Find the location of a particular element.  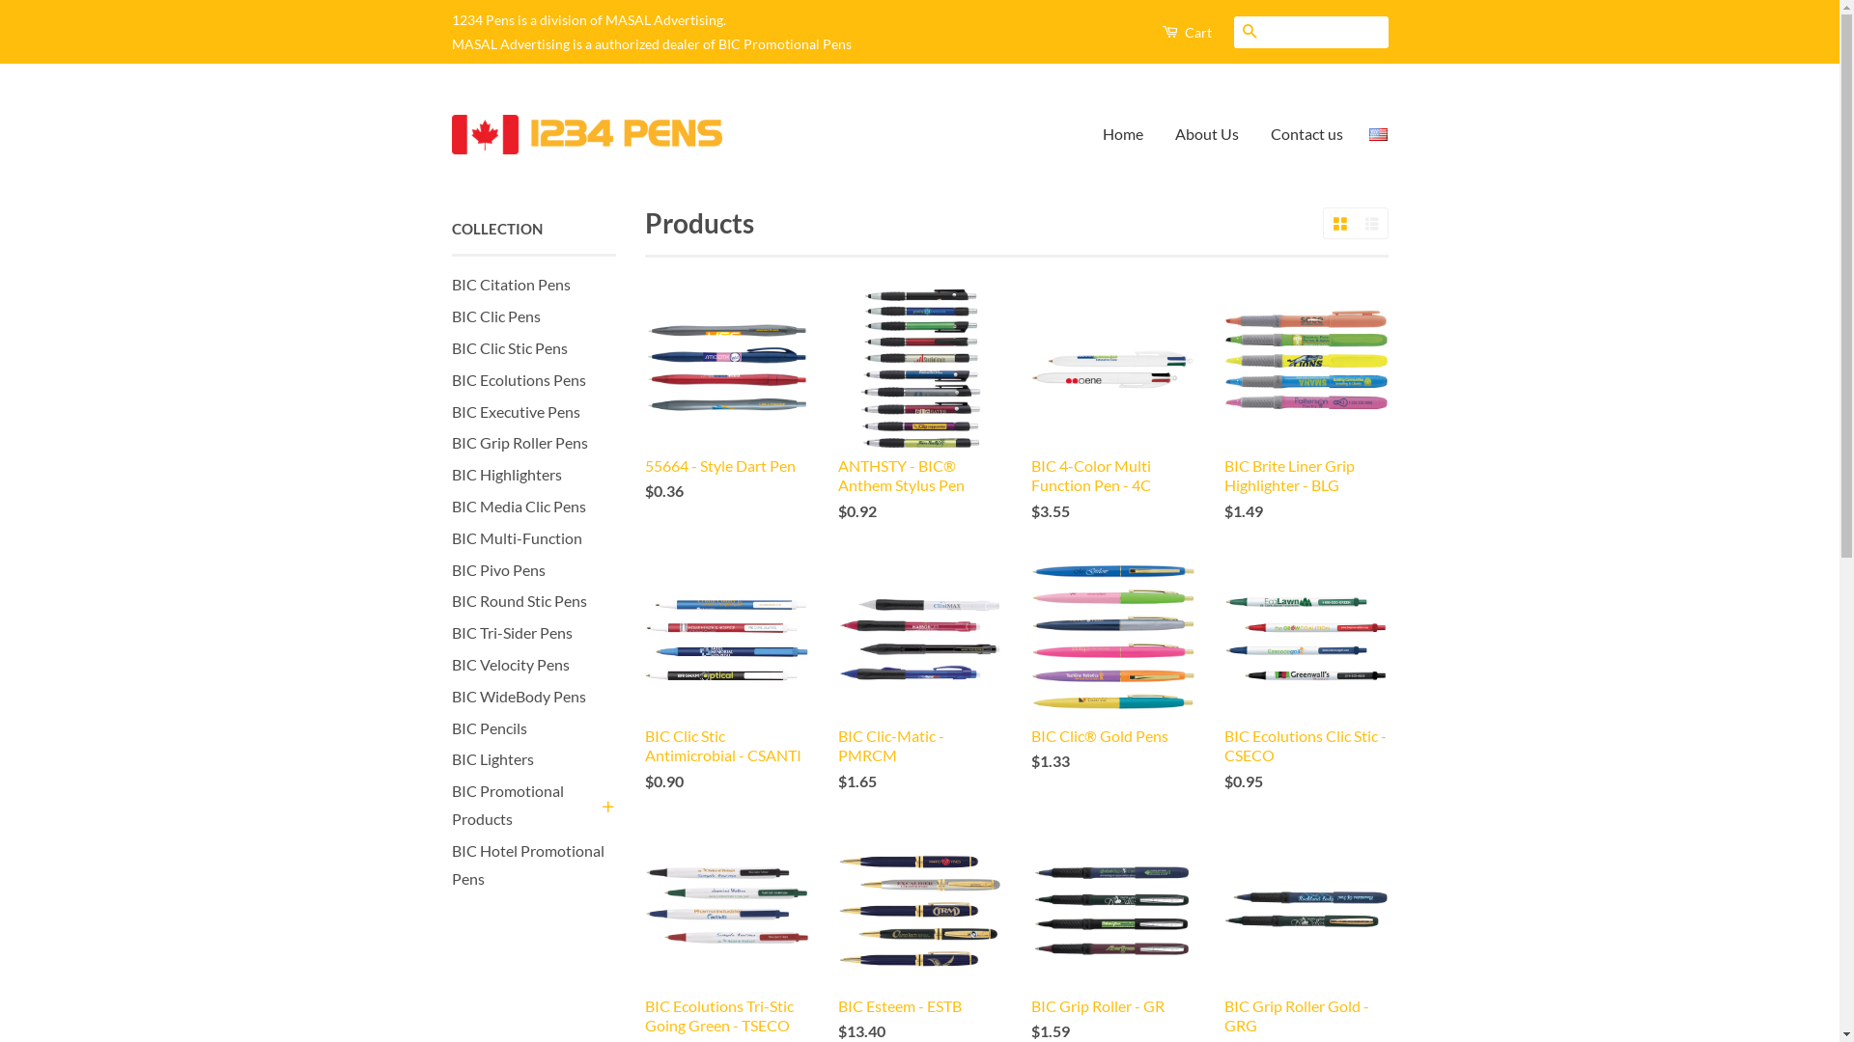

'BIC Multi-Function' is located at coordinates (517, 537).